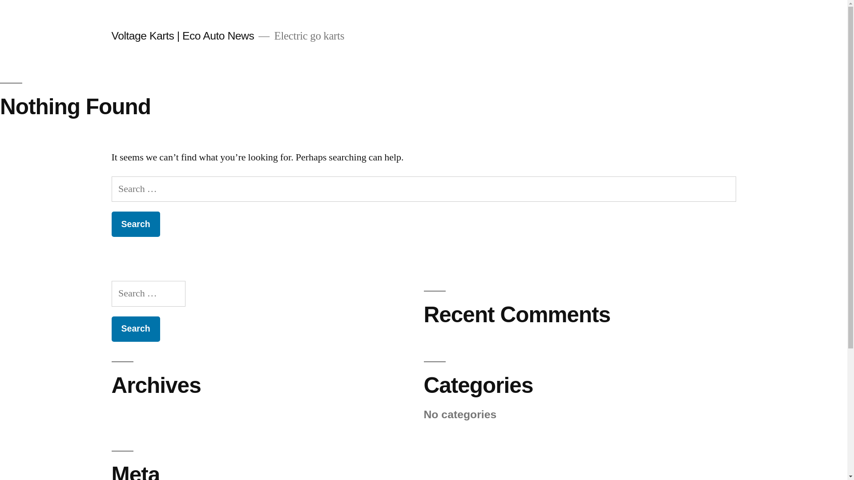 This screenshot has width=854, height=480. I want to click on 'Search', so click(135, 224).